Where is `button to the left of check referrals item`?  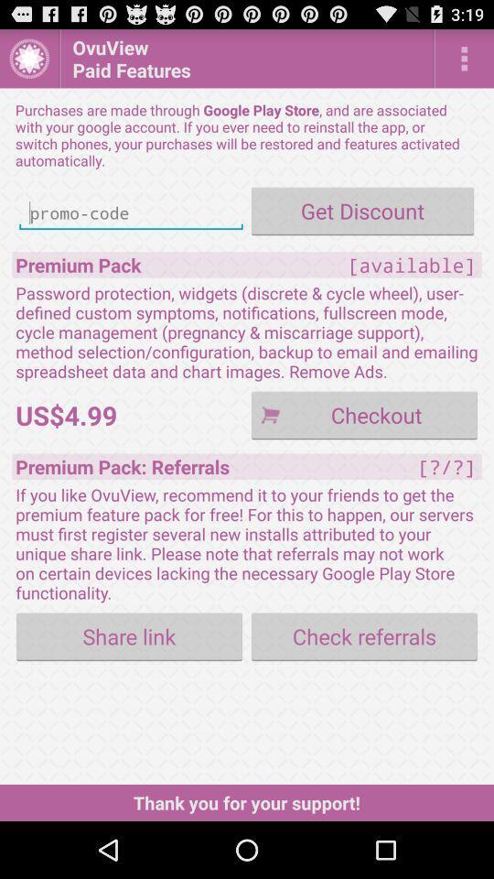
button to the left of check referrals item is located at coordinates (128, 636).